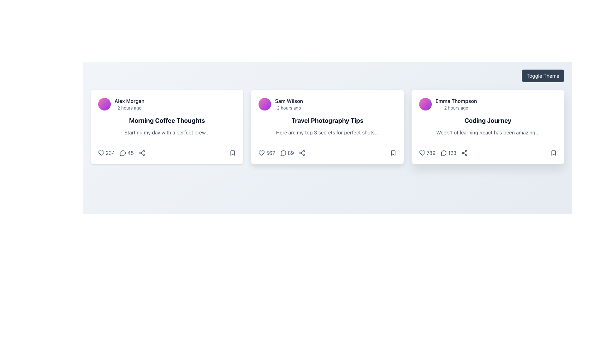 The height and width of the screenshot is (340, 606). Describe the element at coordinates (141, 153) in the screenshot. I see `the 'Share' button located at the bottom-right corner of the first card` at that location.